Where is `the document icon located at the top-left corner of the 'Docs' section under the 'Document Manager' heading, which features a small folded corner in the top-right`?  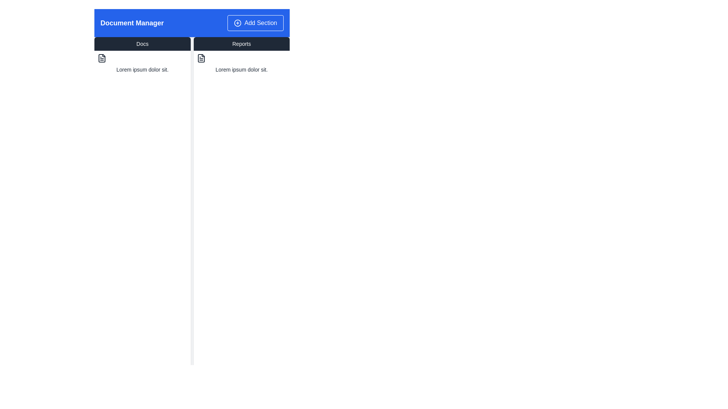 the document icon located at the top-left corner of the 'Docs' section under the 'Document Manager' heading, which features a small folded corner in the top-right is located at coordinates (101, 58).